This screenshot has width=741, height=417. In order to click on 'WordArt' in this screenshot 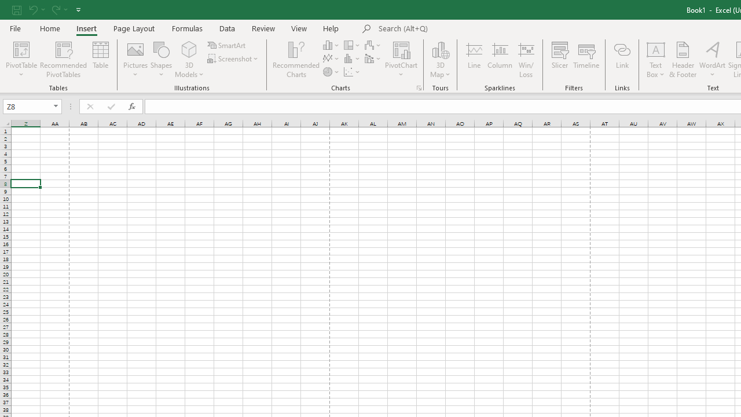, I will do `click(711, 60)`.